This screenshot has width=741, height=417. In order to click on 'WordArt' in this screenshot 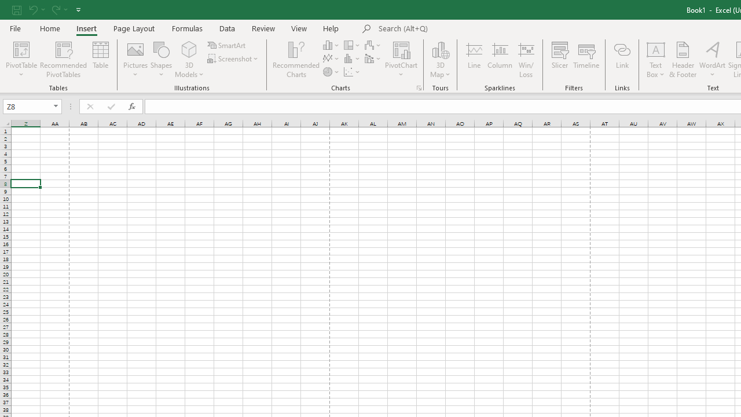, I will do `click(711, 60)`.